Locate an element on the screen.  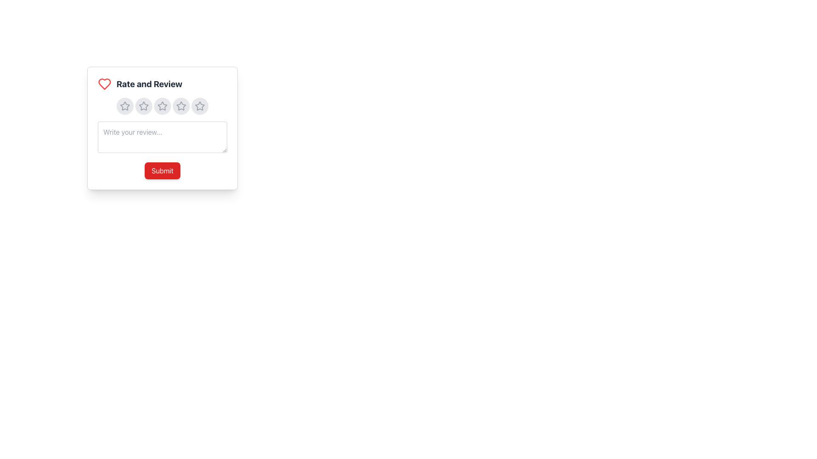
the 'Submit' button, which is a red rectangular button with white text, located at the bottom of a card-like structure is located at coordinates (163, 170).